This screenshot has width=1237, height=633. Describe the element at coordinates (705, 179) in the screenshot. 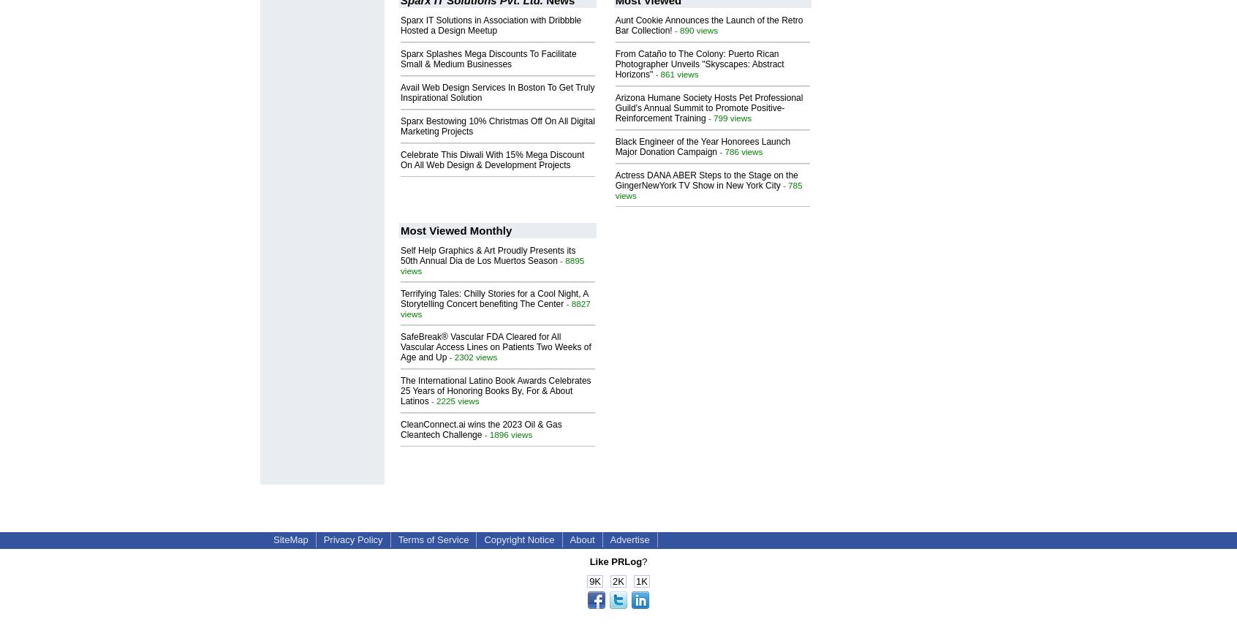

I see `'Actress DANA ABER Steps to the Stage on the GingerNewYork TV Show in New York City'` at that location.